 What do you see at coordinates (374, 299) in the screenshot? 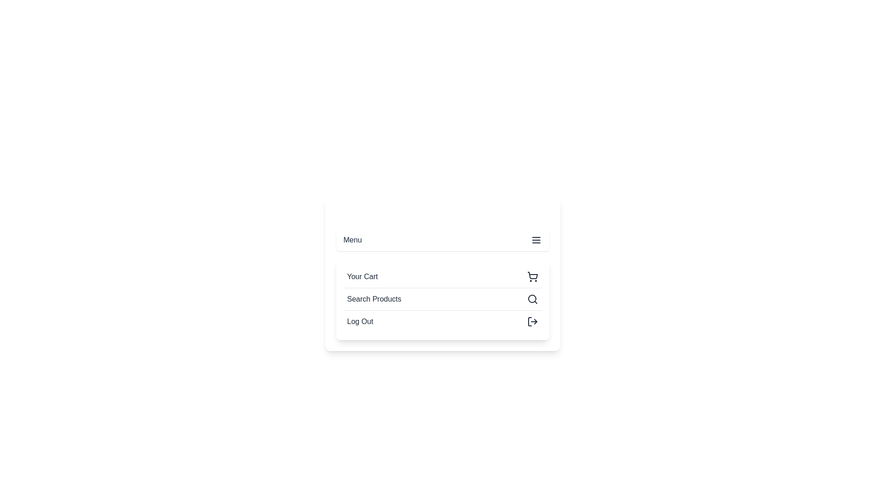
I see `the 'Search Products' text label located in the menu list, positioned between 'Your Cart' and 'Log Out'` at bounding box center [374, 299].